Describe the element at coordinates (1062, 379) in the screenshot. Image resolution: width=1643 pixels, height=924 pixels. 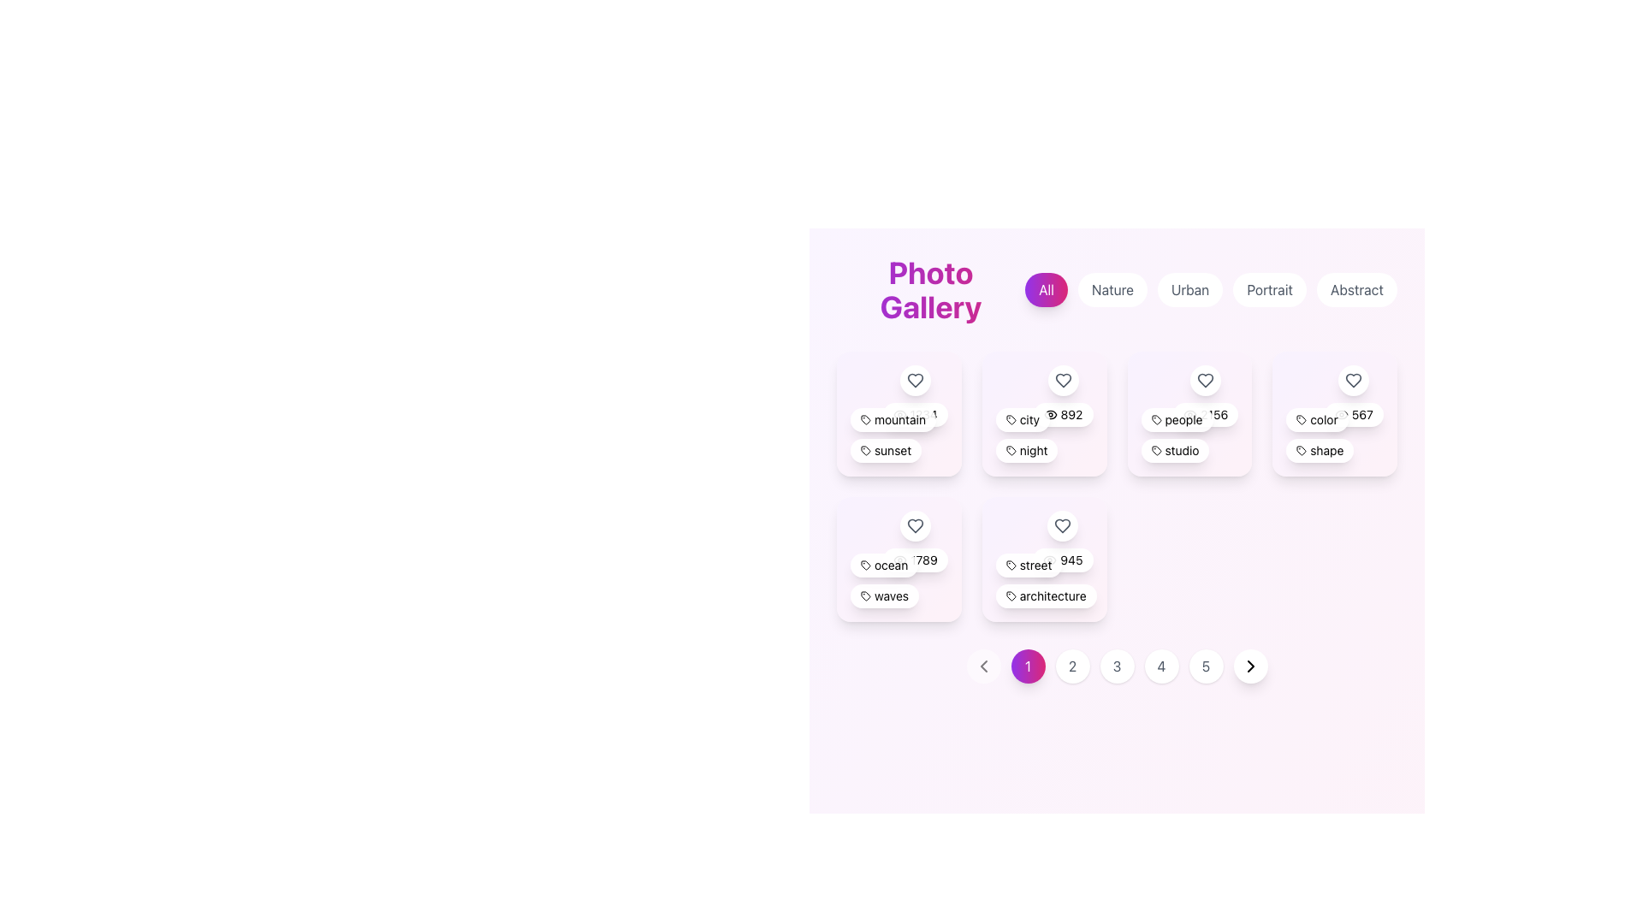
I see `the heart icon located in the top-right corner of the second card in the first row of the grid layout to favorite the associated city category` at that location.